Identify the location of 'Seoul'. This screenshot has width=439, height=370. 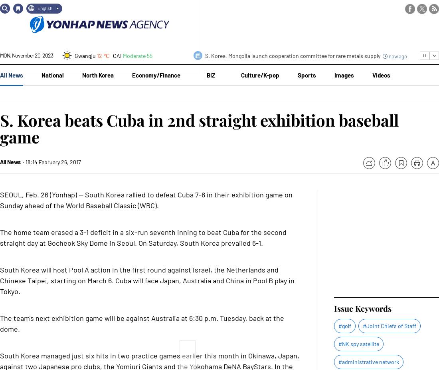
(81, 111).